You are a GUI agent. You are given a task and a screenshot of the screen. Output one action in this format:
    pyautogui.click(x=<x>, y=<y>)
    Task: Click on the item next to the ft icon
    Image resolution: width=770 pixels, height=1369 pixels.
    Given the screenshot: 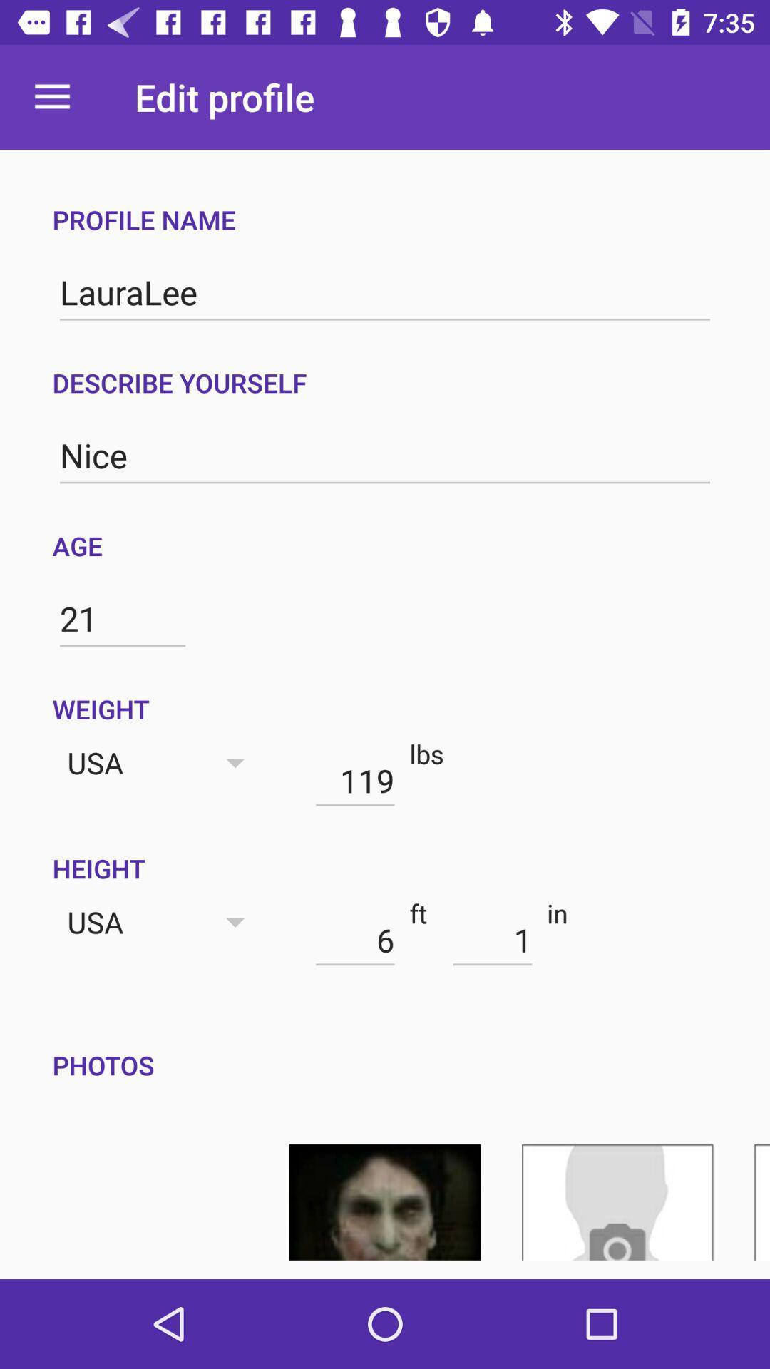 What is the action you would take?
    pyautogui.click(x=354, y=940)
    